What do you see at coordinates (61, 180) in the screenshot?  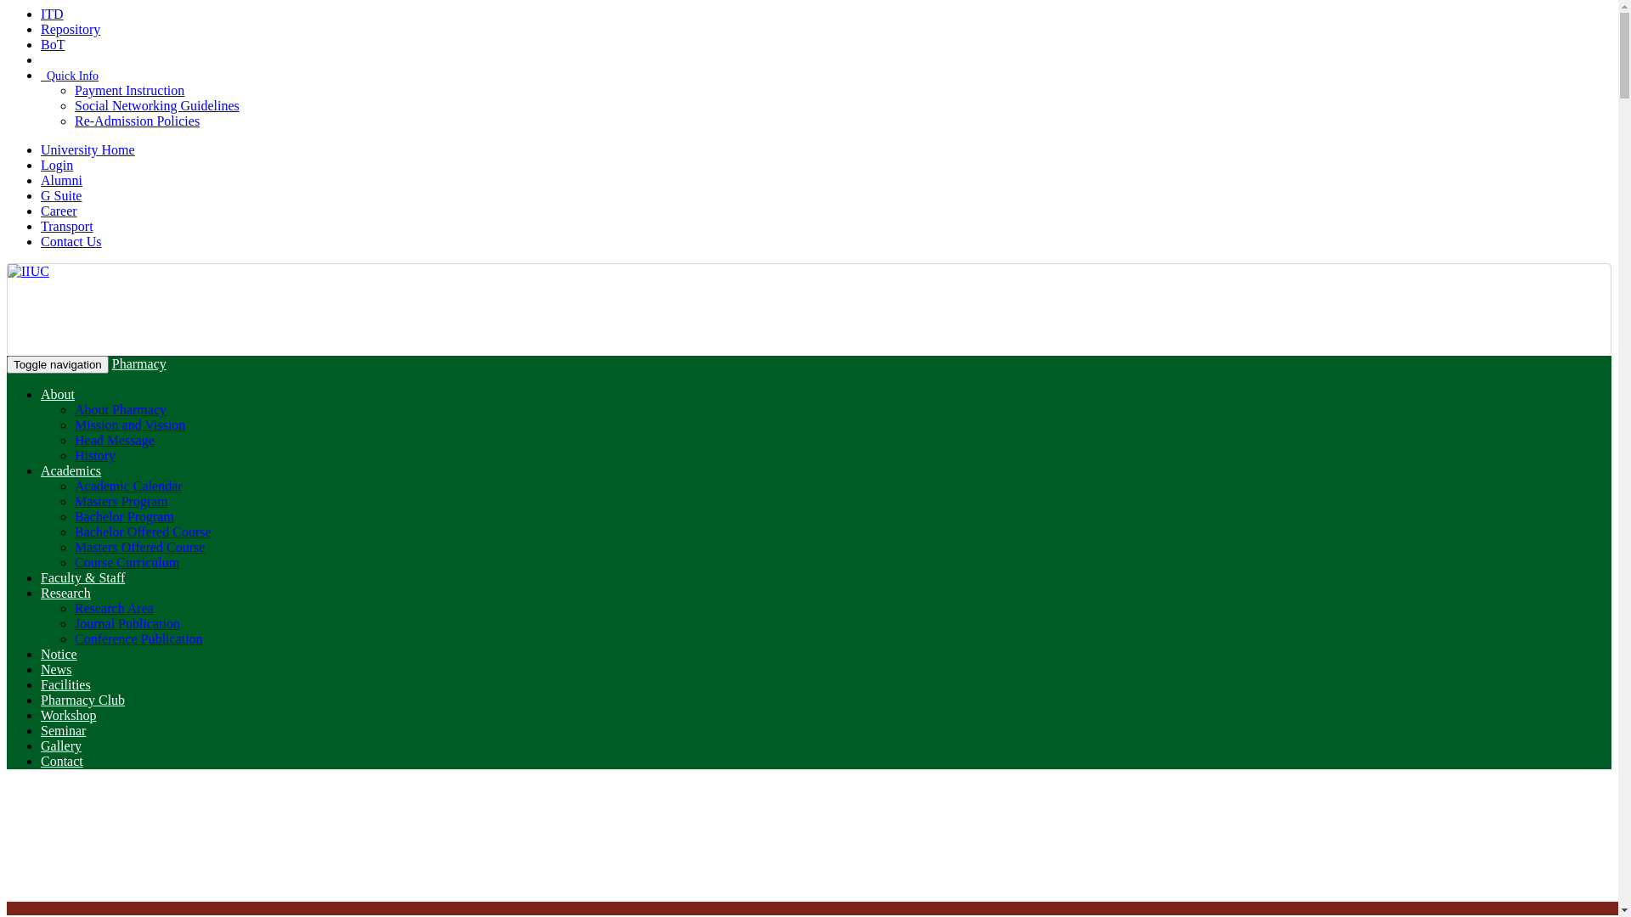 I see `'Alumni'` at bounding box center [61, 180].